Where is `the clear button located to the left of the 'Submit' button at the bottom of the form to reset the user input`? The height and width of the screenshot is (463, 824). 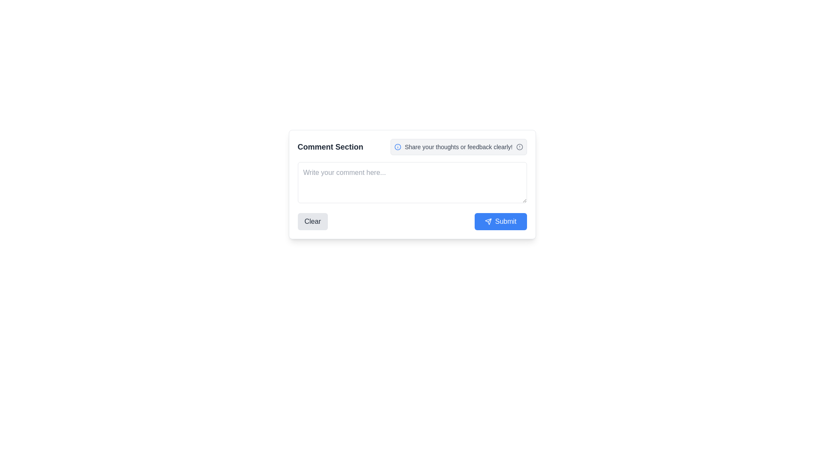
the clear button located to the left of the 'Submit' button at the bottom of the form to reset the user input is located at coordinates (312, 221).